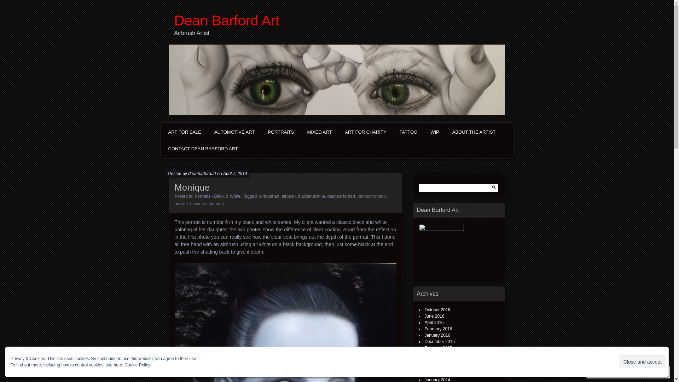  What do you see at coordinates (269, 196) in the screenshot?
I see `'airbrushart'` at bounding box center [269, 196].